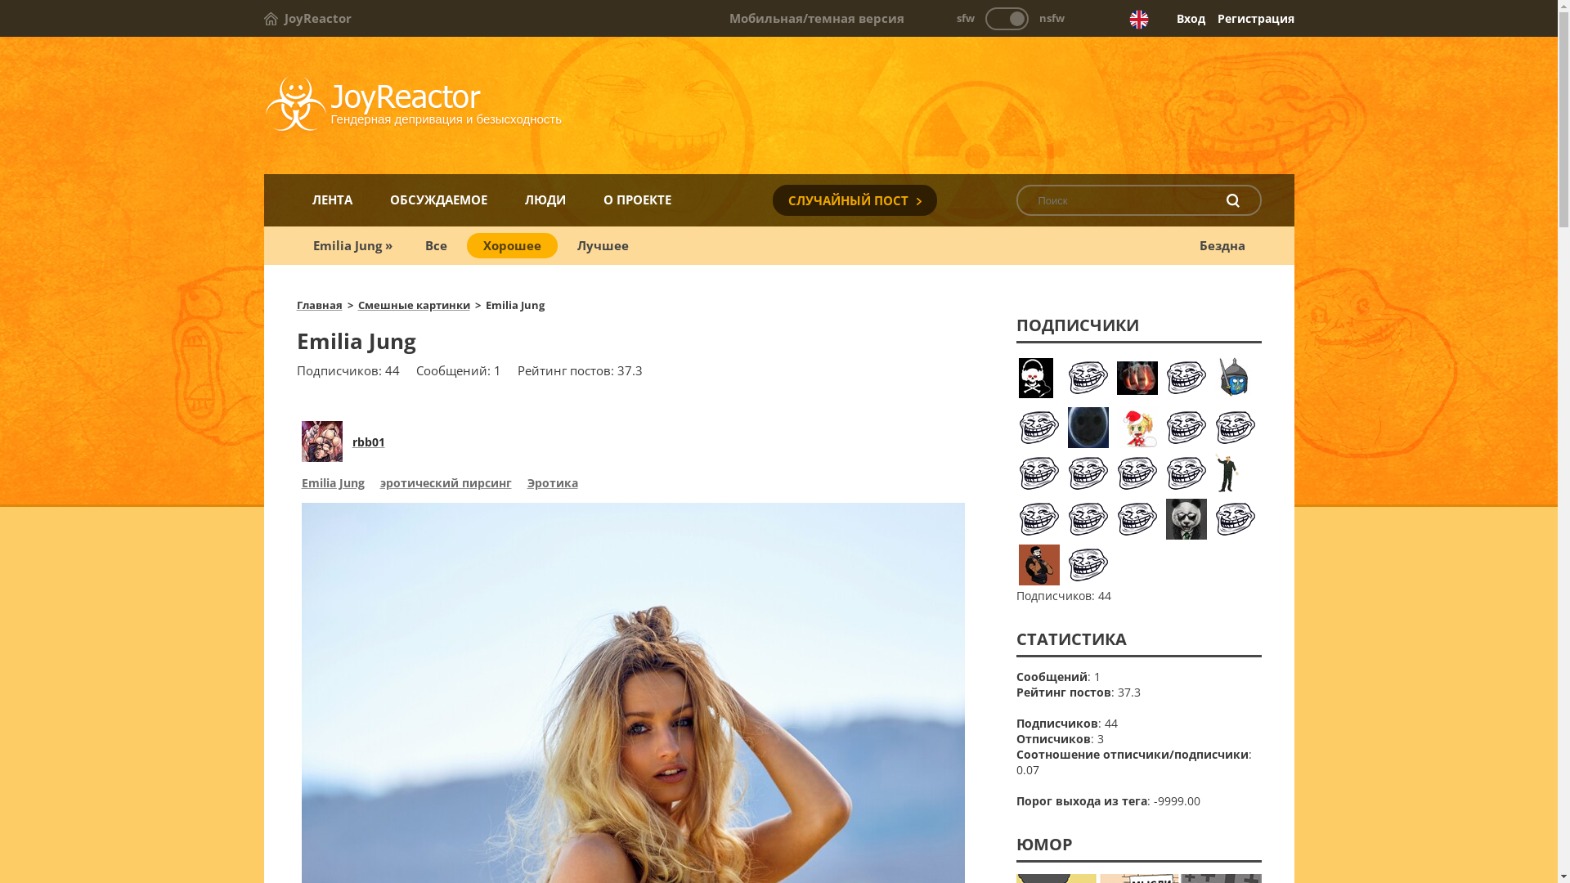  Describe the element at coordinates (307, 18) in the screenshot. I see `'JoyReactor'` at that location.